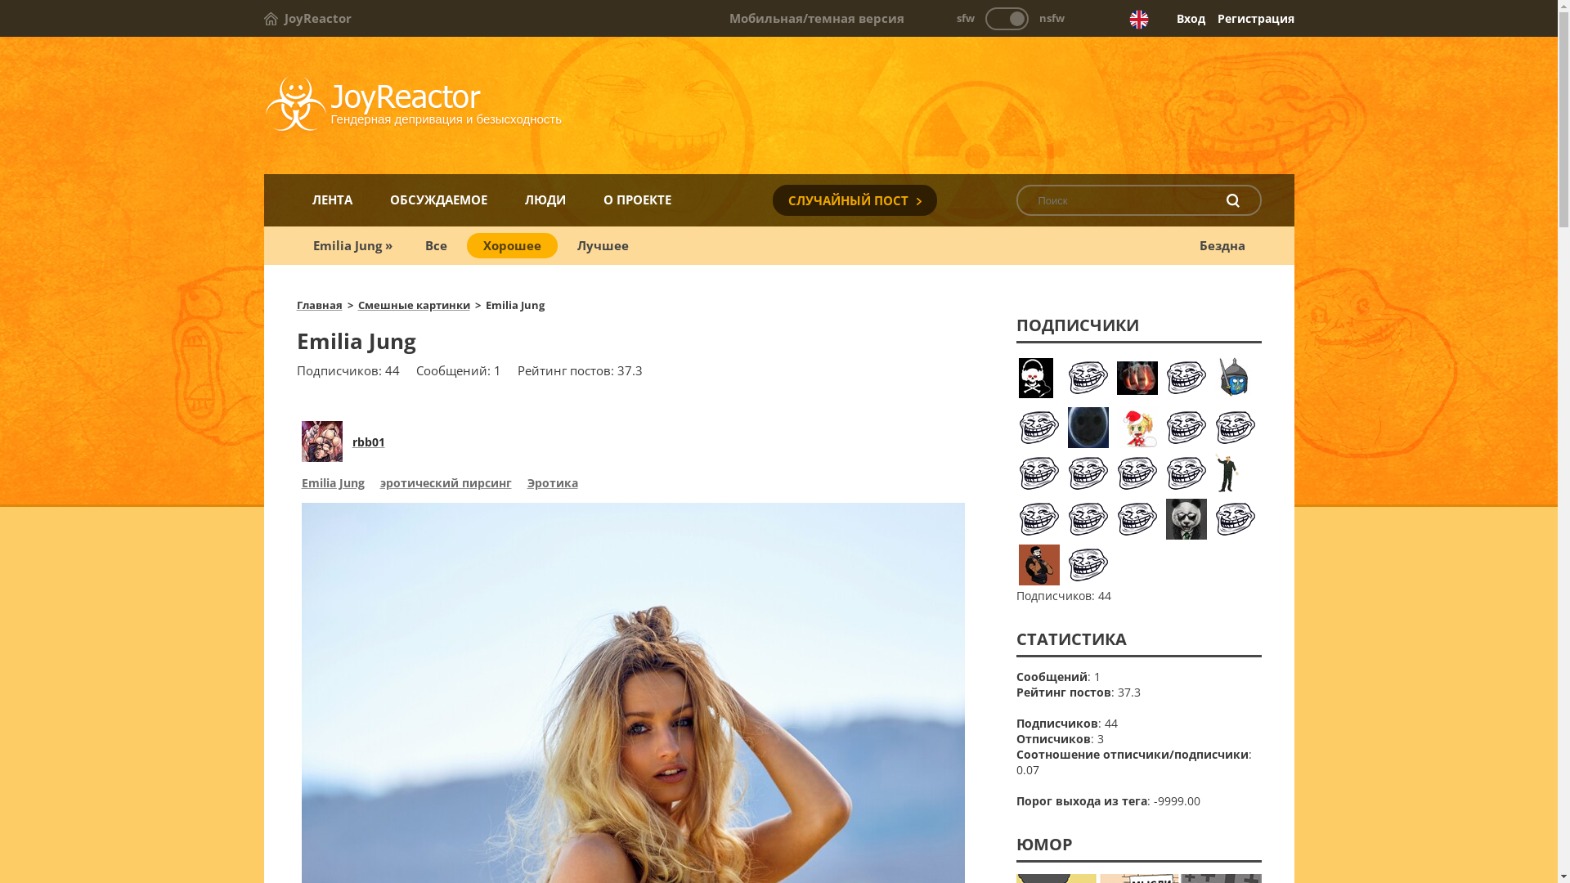  Describe the element at coordinates (307, 18) in the screenshot. I see `'JoyReactor'` at that location.